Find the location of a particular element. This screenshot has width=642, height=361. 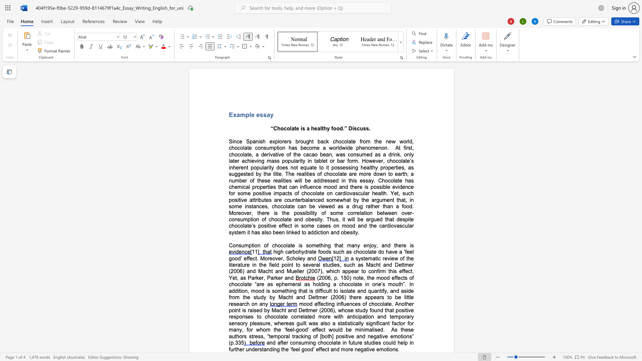

the 2th character "t" in the text is located at coordinates (302, 232).